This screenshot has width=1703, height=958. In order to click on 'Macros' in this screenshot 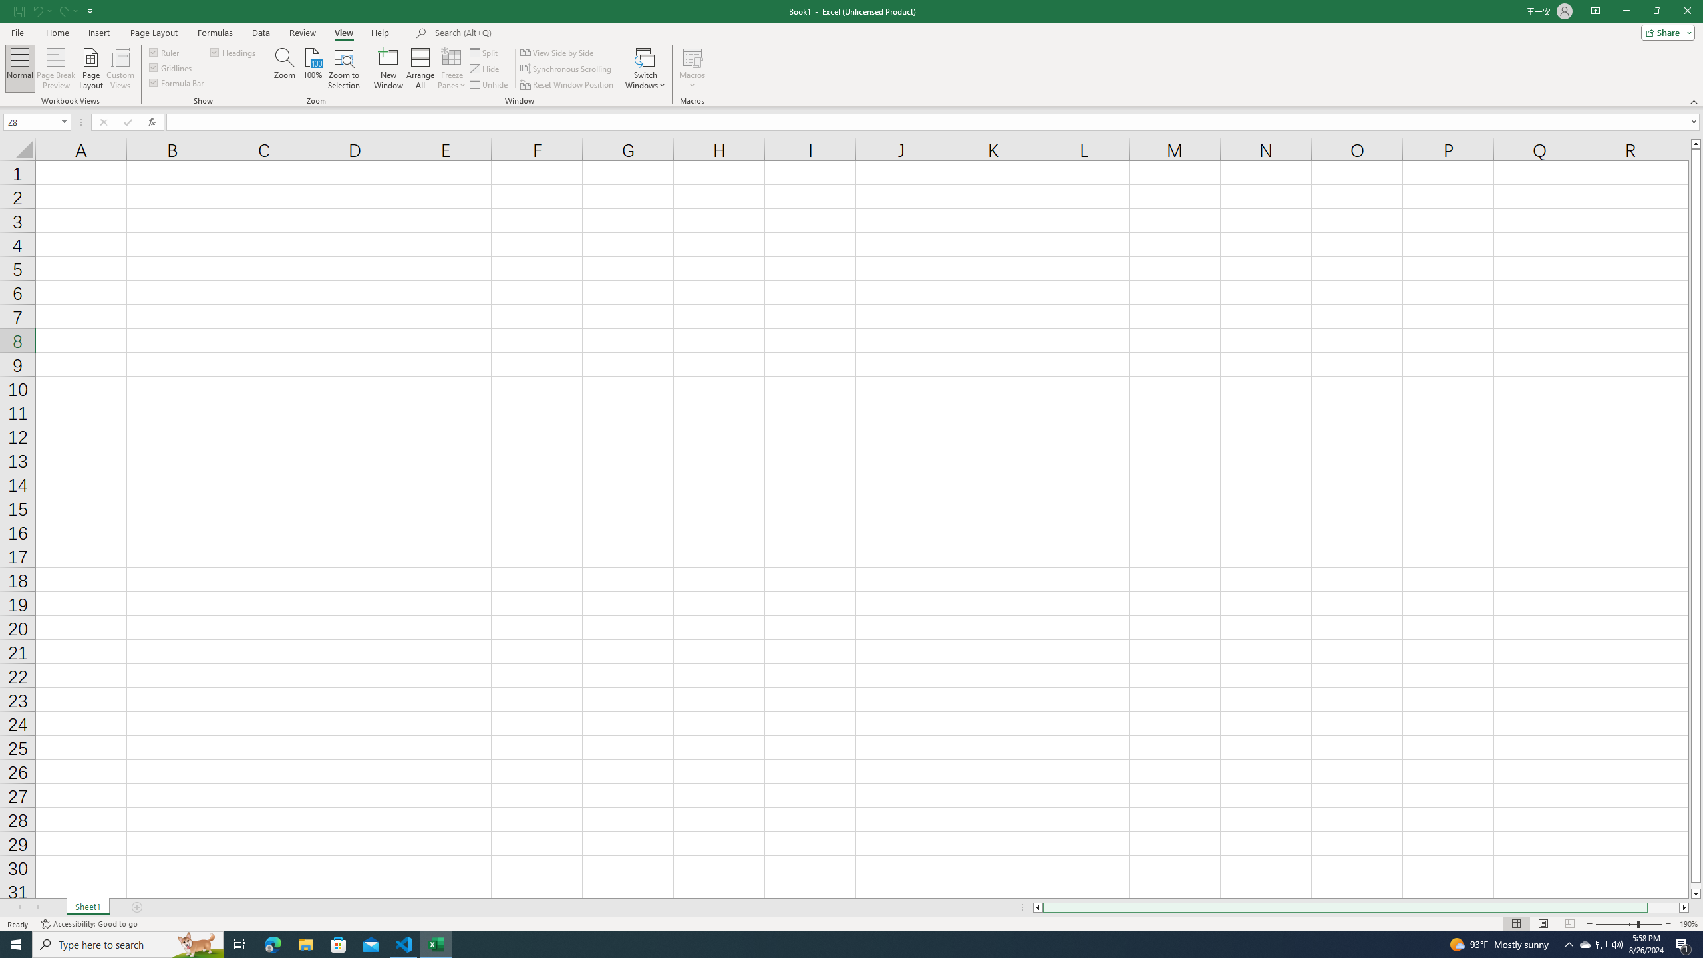, I will do `click(691, 69)`.